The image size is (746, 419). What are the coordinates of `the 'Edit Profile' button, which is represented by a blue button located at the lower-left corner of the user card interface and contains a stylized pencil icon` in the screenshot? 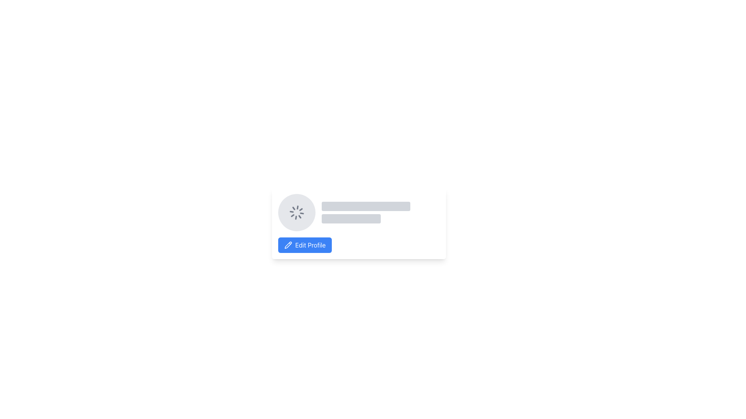 It's located at (288, 245).